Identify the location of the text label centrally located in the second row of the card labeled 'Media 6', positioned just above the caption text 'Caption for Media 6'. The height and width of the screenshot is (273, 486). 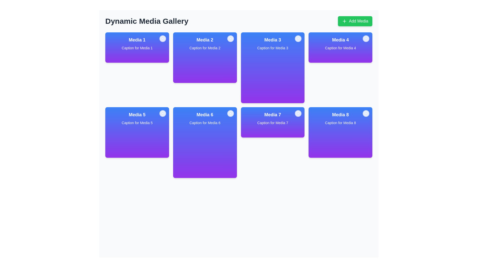
(205, 115).